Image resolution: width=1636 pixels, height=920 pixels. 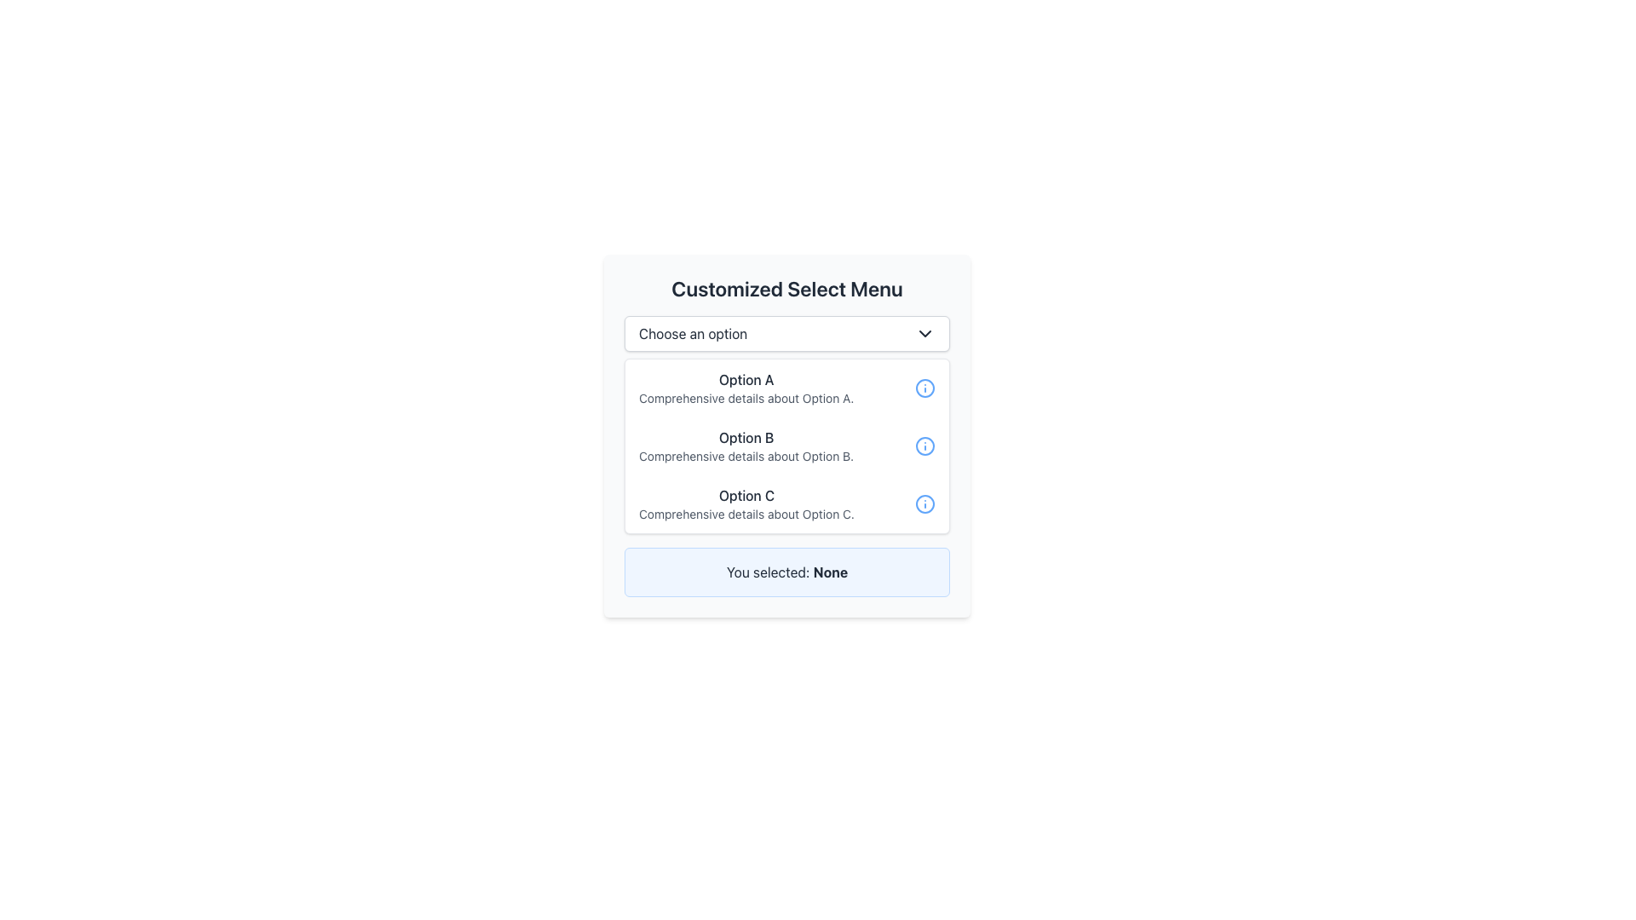 I want to click on the static display text that shows 'You selected: None', which is styled with a bold 'None' and set against a light blue background with a blue border, located at the bottom of a card-like component, so click(x=786, y=572).